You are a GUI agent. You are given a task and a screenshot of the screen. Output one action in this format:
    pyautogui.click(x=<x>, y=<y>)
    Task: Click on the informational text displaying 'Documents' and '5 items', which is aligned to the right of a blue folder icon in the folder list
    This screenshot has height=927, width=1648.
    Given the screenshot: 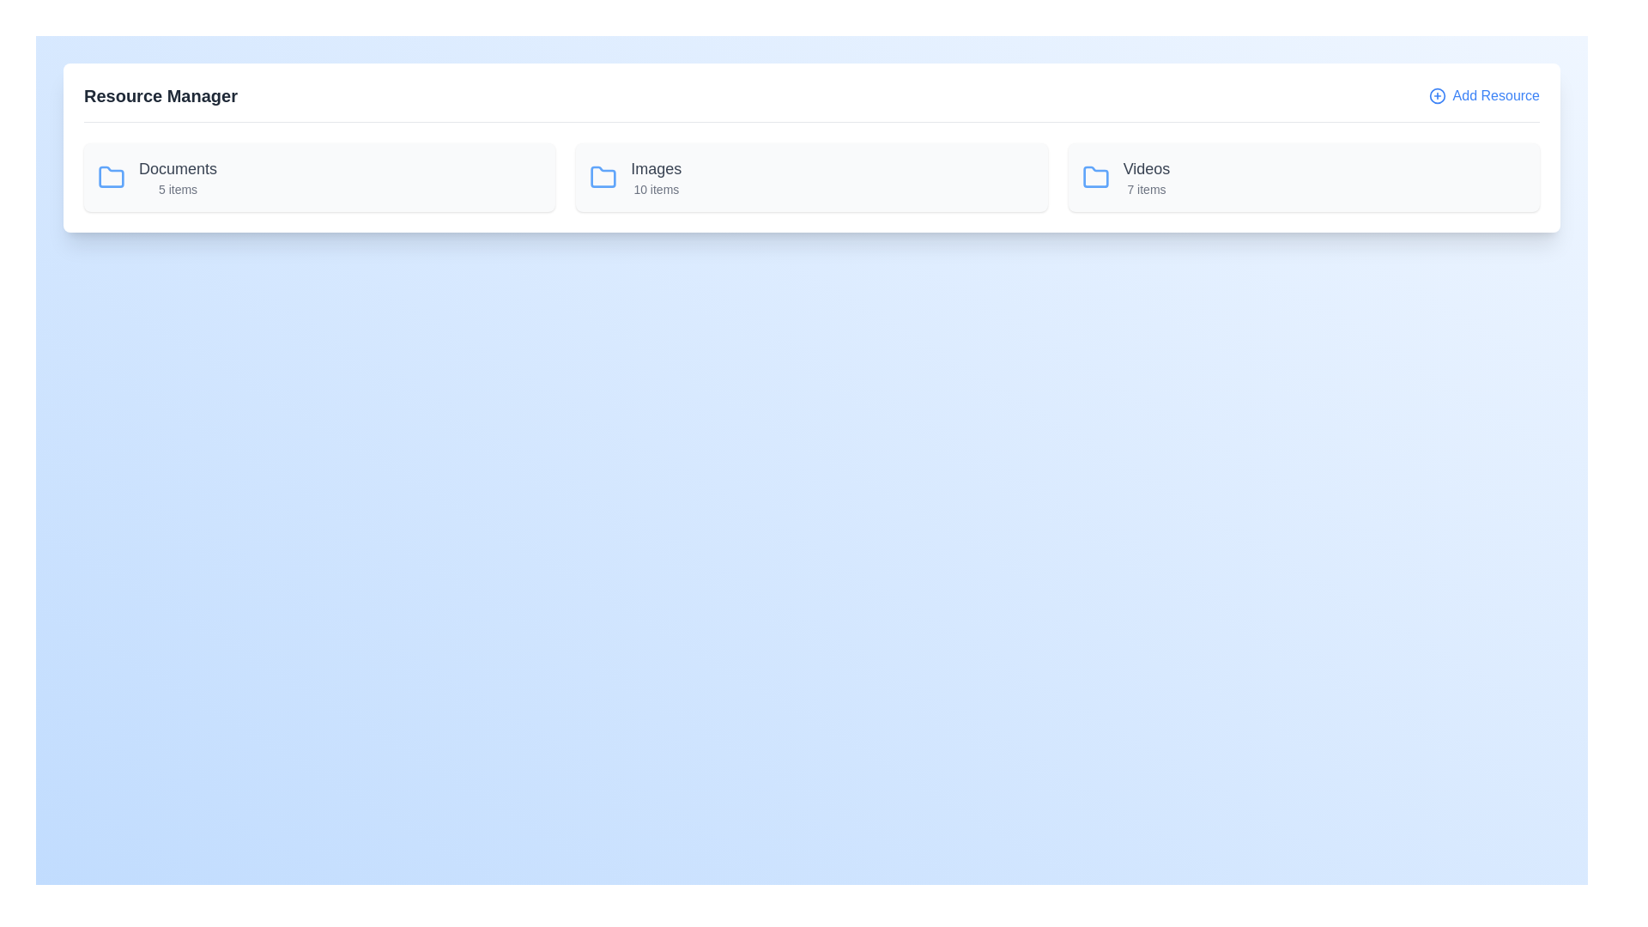 What is the action you would take?
    pyautogui.click(x=178, y=178)
    